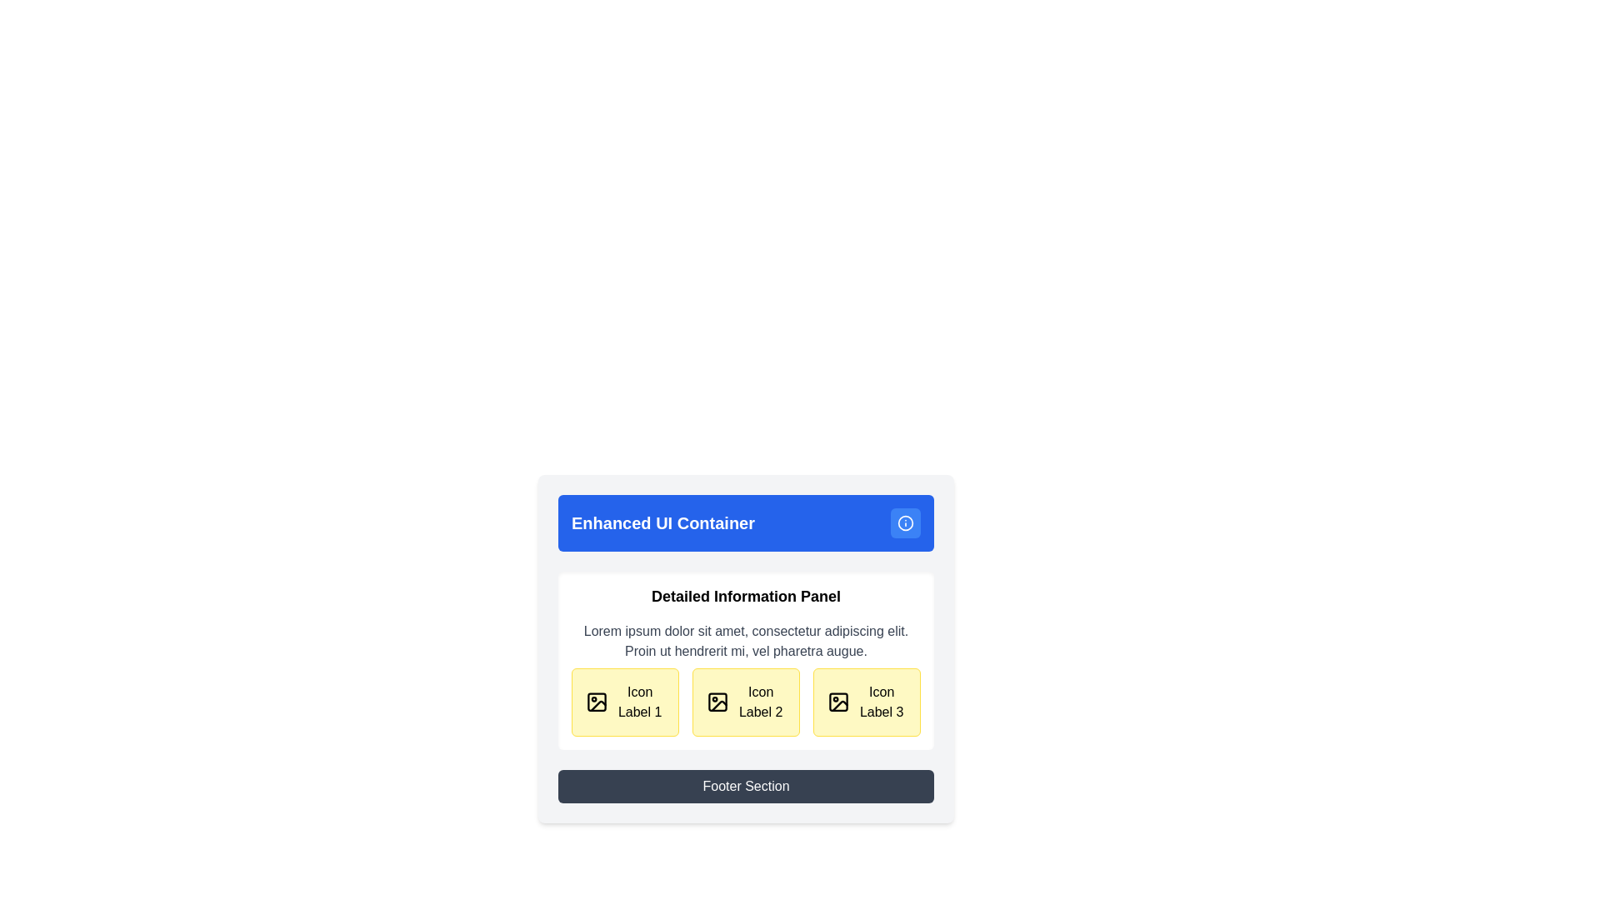 The image size is (1600, 900). Describe the element at coordinates (745, 702) in the screenshot. I see `the non-interactive display component that shows the text label 'Icon Label 2' and its paired icon, located in the middle of a three-column grid layout at the bottom of the 'Detailed Information Panel'` at that location.